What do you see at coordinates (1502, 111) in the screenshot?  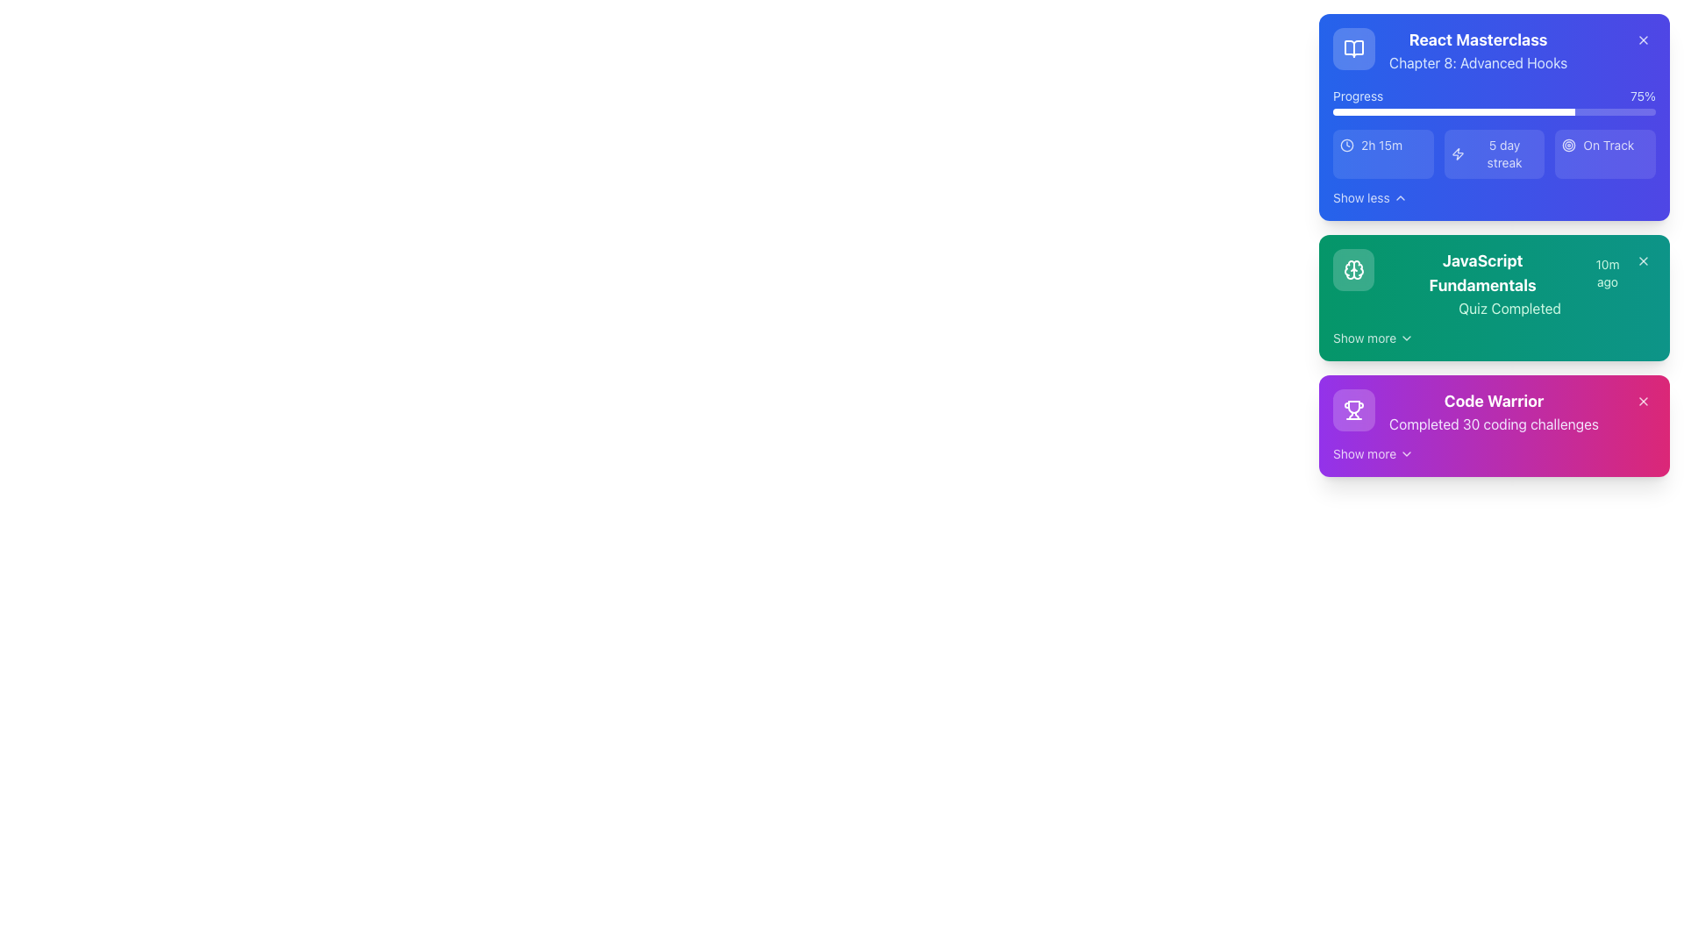 I see `the progress` at bounding box center [1502, 111].